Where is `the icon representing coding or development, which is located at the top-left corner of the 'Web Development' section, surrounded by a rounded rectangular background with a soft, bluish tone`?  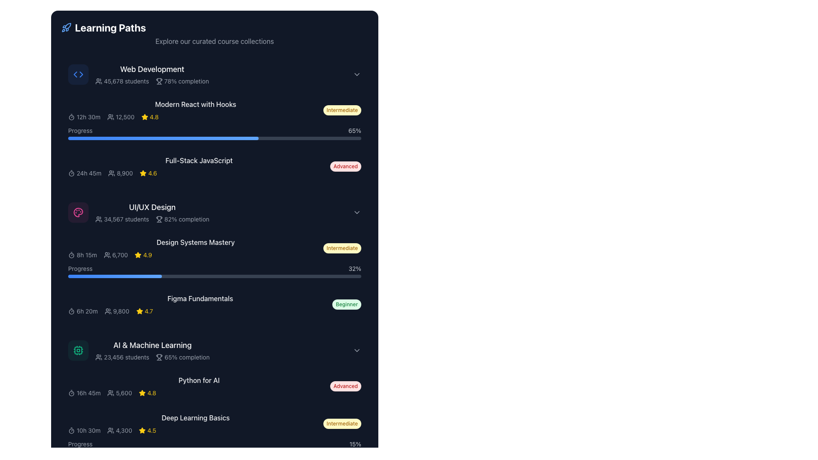
the icon representing coding or development, which is located at the top-left corner of the 'Web Development' section, surrounded by a rounded rectangular background with a soft, bluish tone is located at coordinates (78, 74).